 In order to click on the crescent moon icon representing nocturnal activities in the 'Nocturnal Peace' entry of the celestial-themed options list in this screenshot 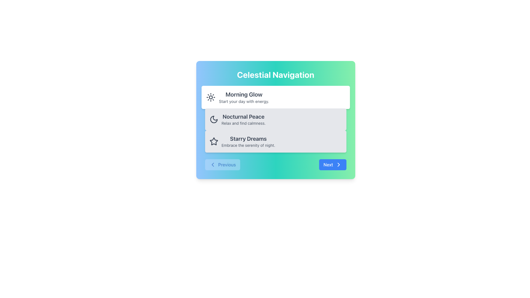, I will do `click(213, 119)`.